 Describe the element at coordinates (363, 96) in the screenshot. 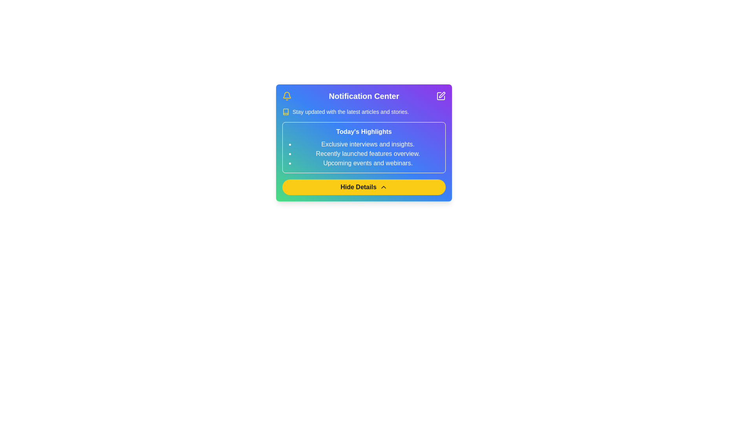

I see `text content of the Header section located at the top of the card, which is centrally aligned and flanked by a bell icon on the left and a pen icon on the right` at that location.